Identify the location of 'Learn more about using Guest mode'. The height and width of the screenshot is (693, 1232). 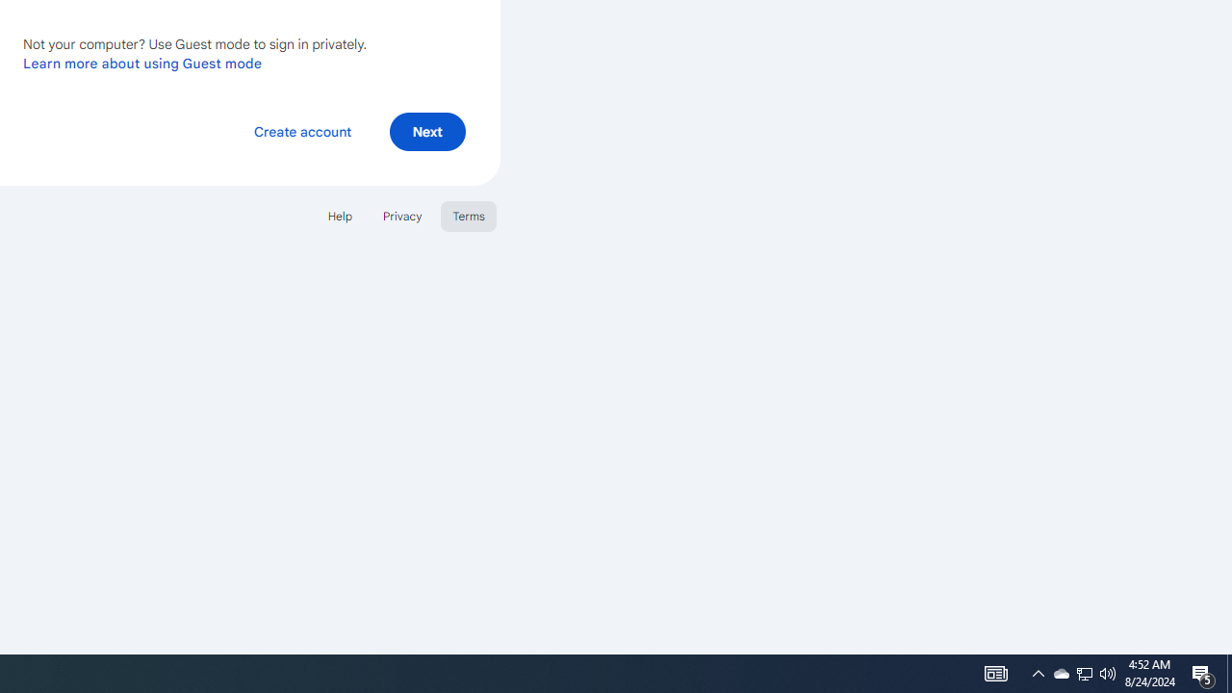
(141, 62).